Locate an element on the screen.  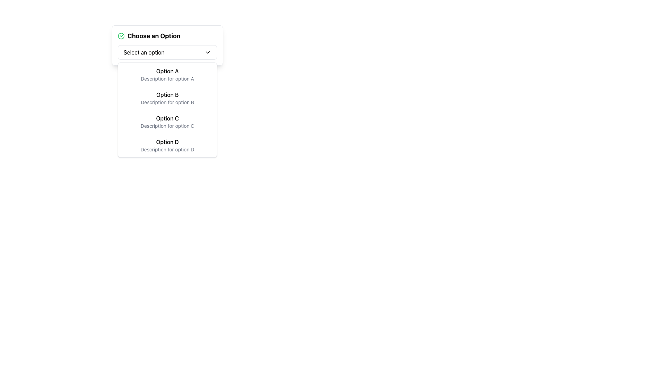
the static text element reading 'Description for option C', which is located beneath the bolded text 'Option C' within the dropdown menu is located at coordinates (167, 126).